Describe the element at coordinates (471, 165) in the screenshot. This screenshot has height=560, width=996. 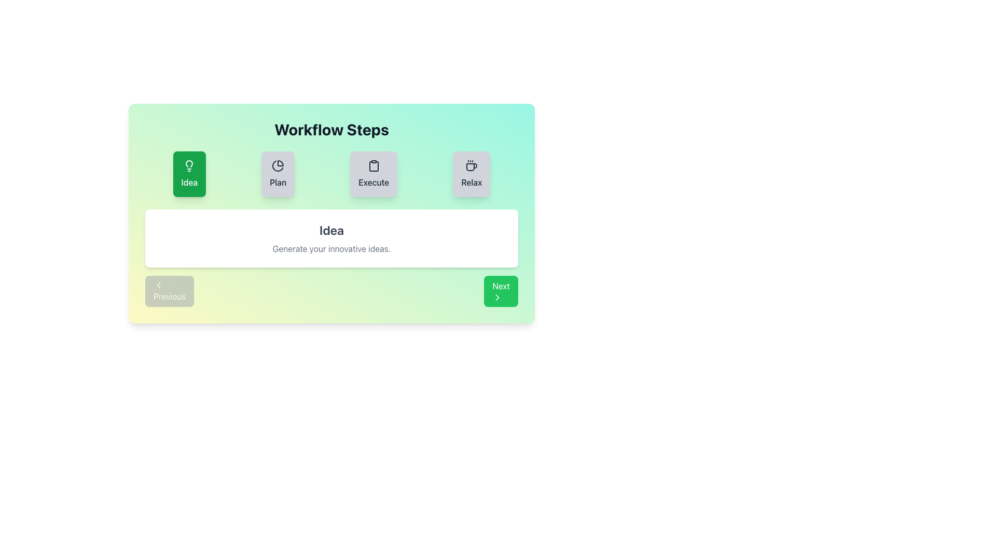
I see `the coffee cup icon with steam, located above the 'Relax' text in the workflow steps interface` at that location.